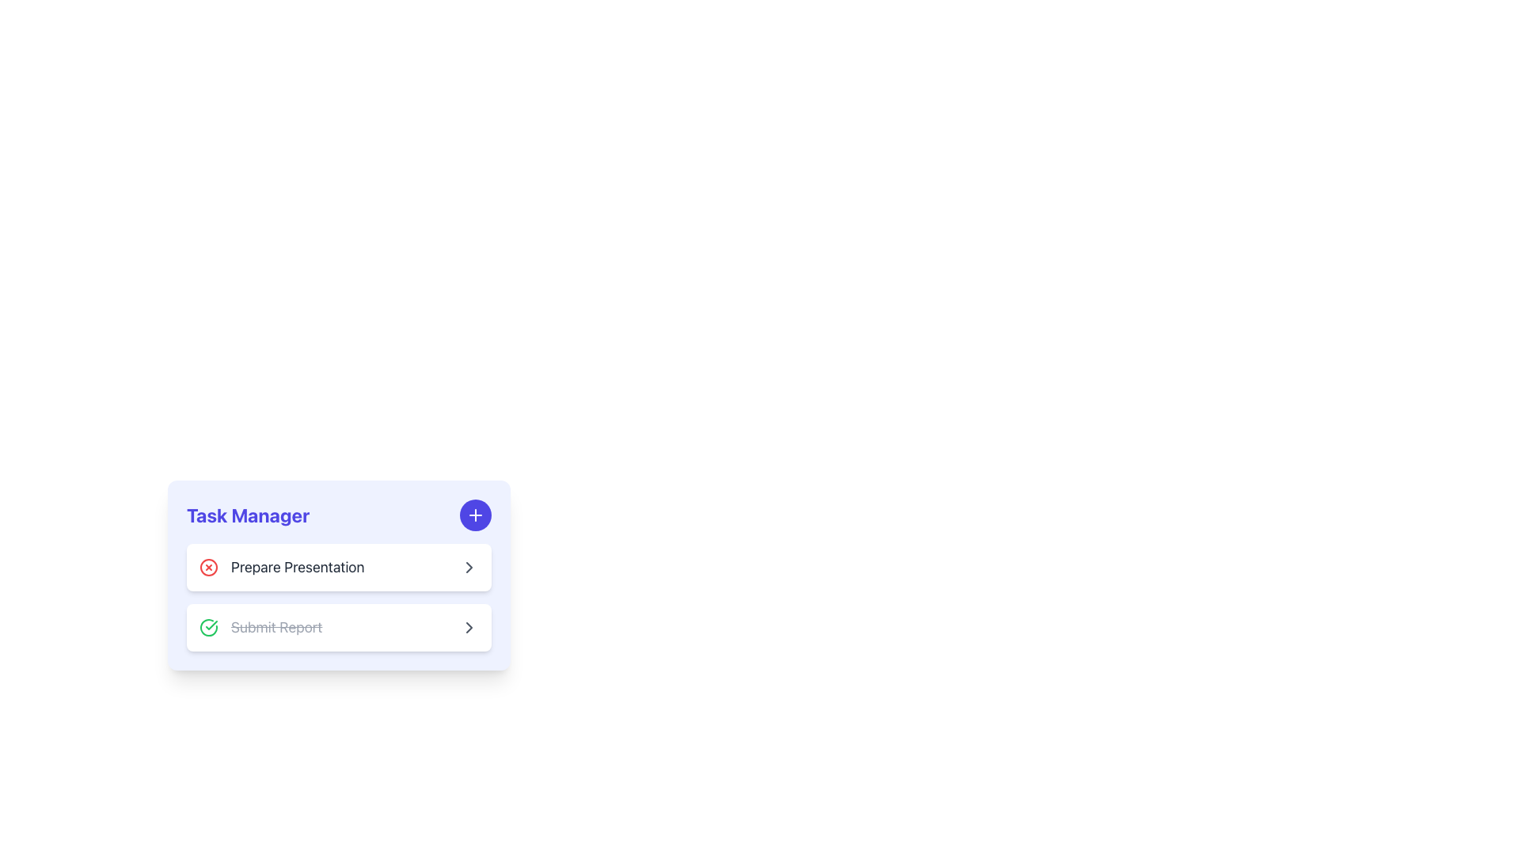 The image size is (1520, 855). I want to click on the green circular checkmark icon, so click(208, 627).